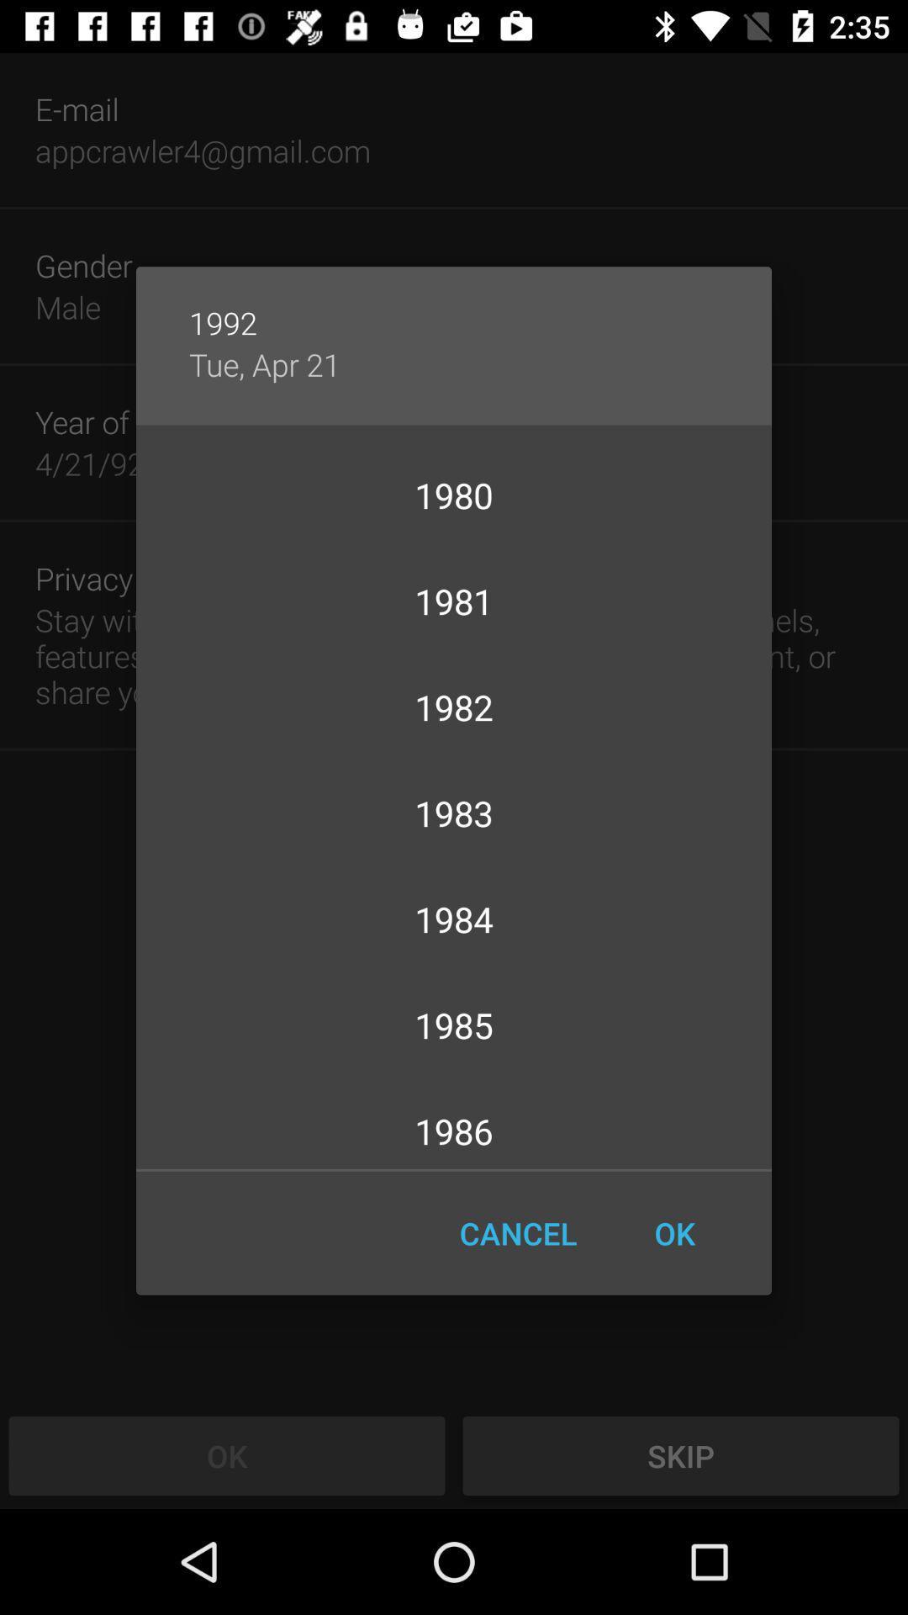 The image size is (908, 1615). I want to click on the icon above tue, apr 21 app, so click(454, 305).